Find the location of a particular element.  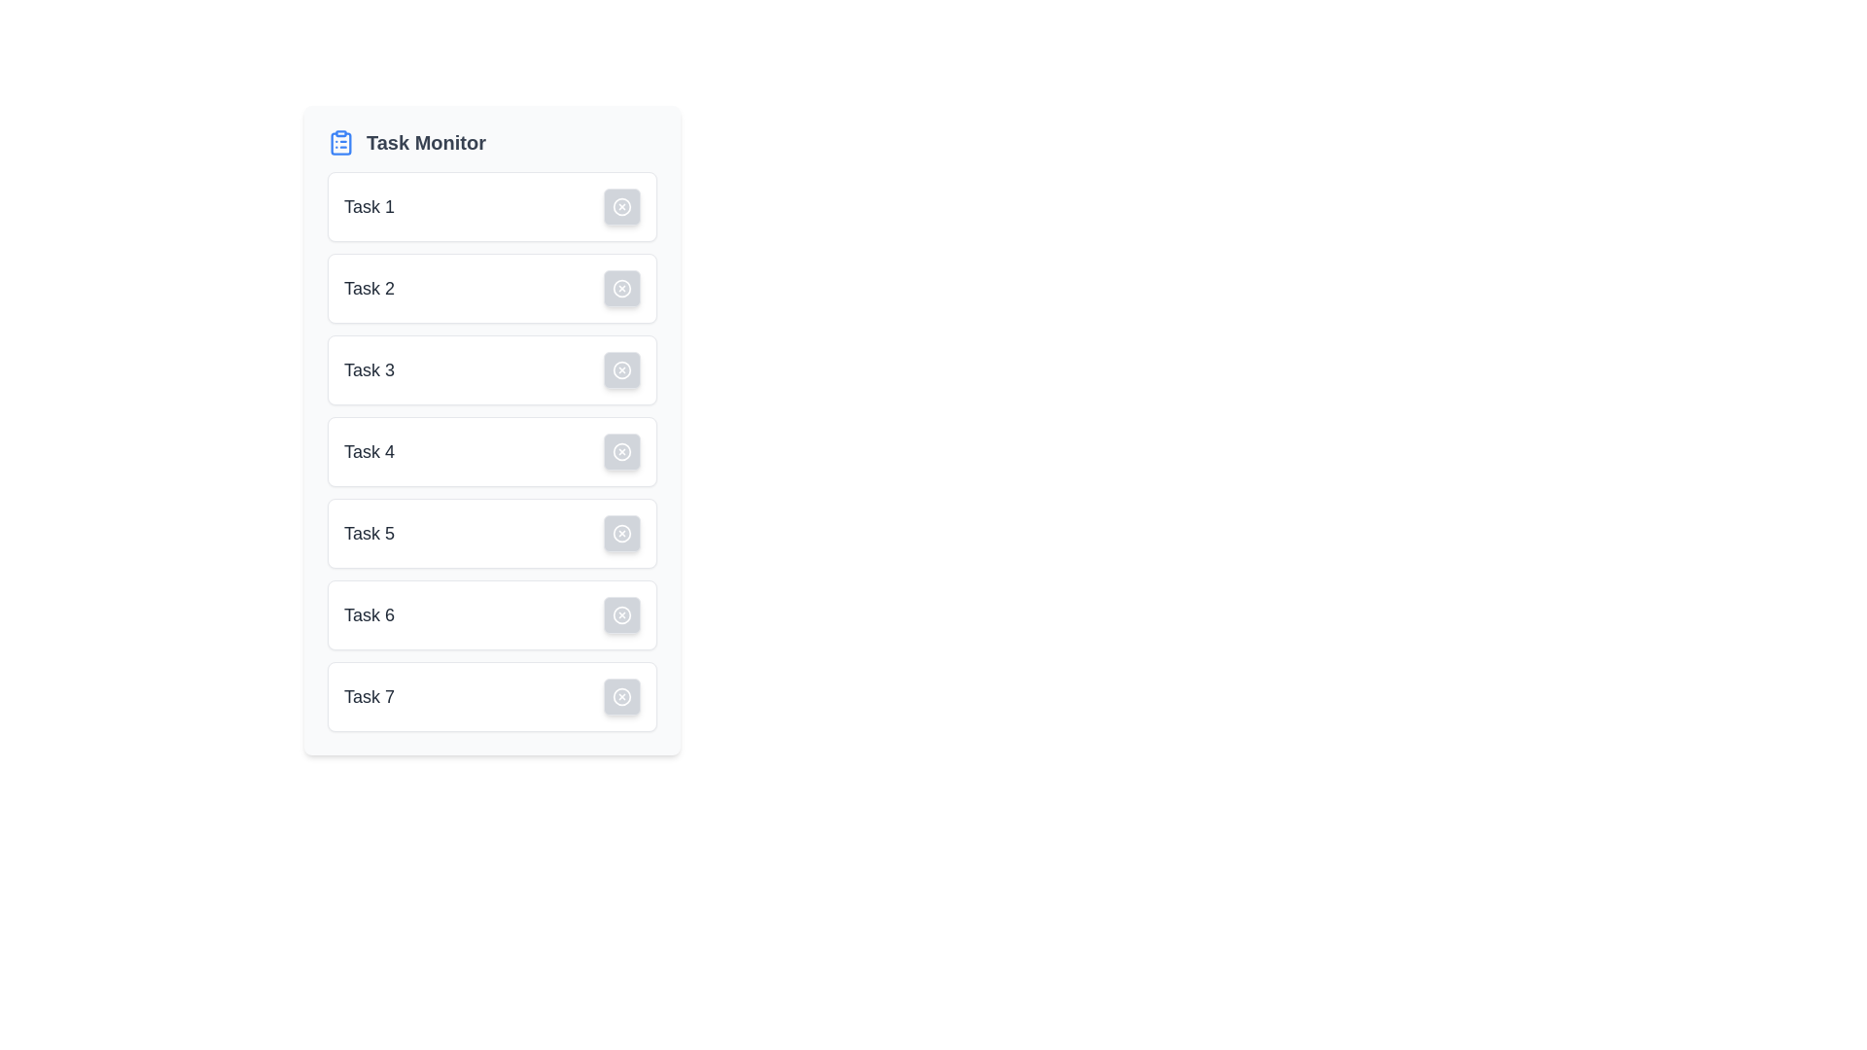

the 'Task Monitor' static text label, which is styled in bold with a larger font size and gray color, centrally placed at the top of the interface and adjacent to an icon on its left is located at coordinates (425, 141).